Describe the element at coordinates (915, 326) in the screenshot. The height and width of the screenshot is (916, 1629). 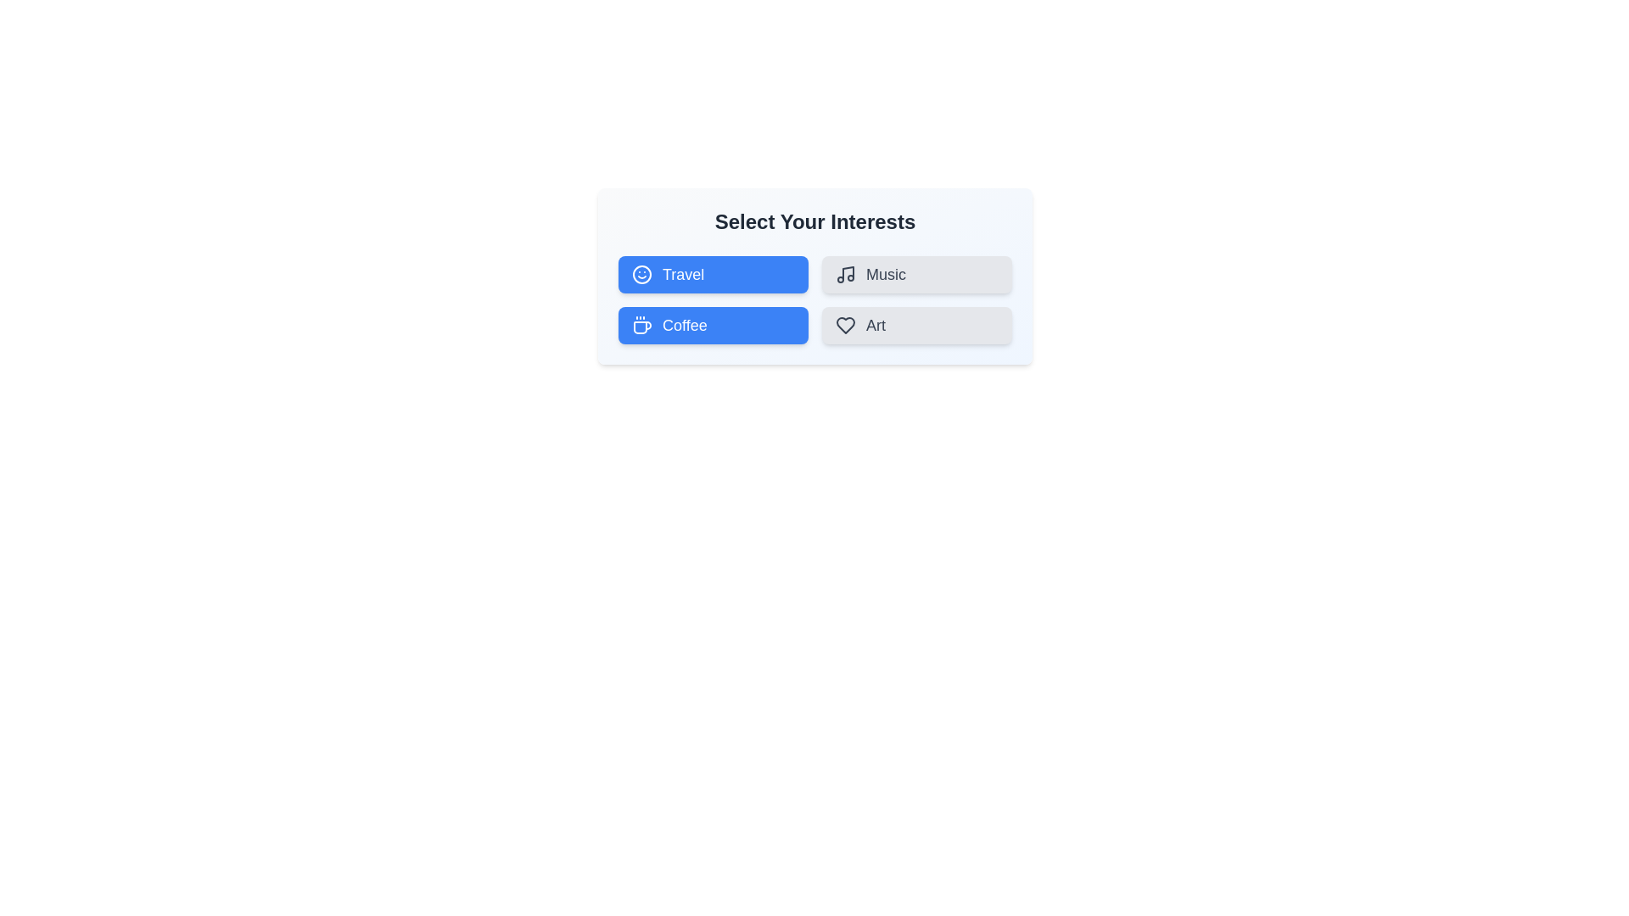
I see `the button labeled Art to observe its hover effect` at that location.